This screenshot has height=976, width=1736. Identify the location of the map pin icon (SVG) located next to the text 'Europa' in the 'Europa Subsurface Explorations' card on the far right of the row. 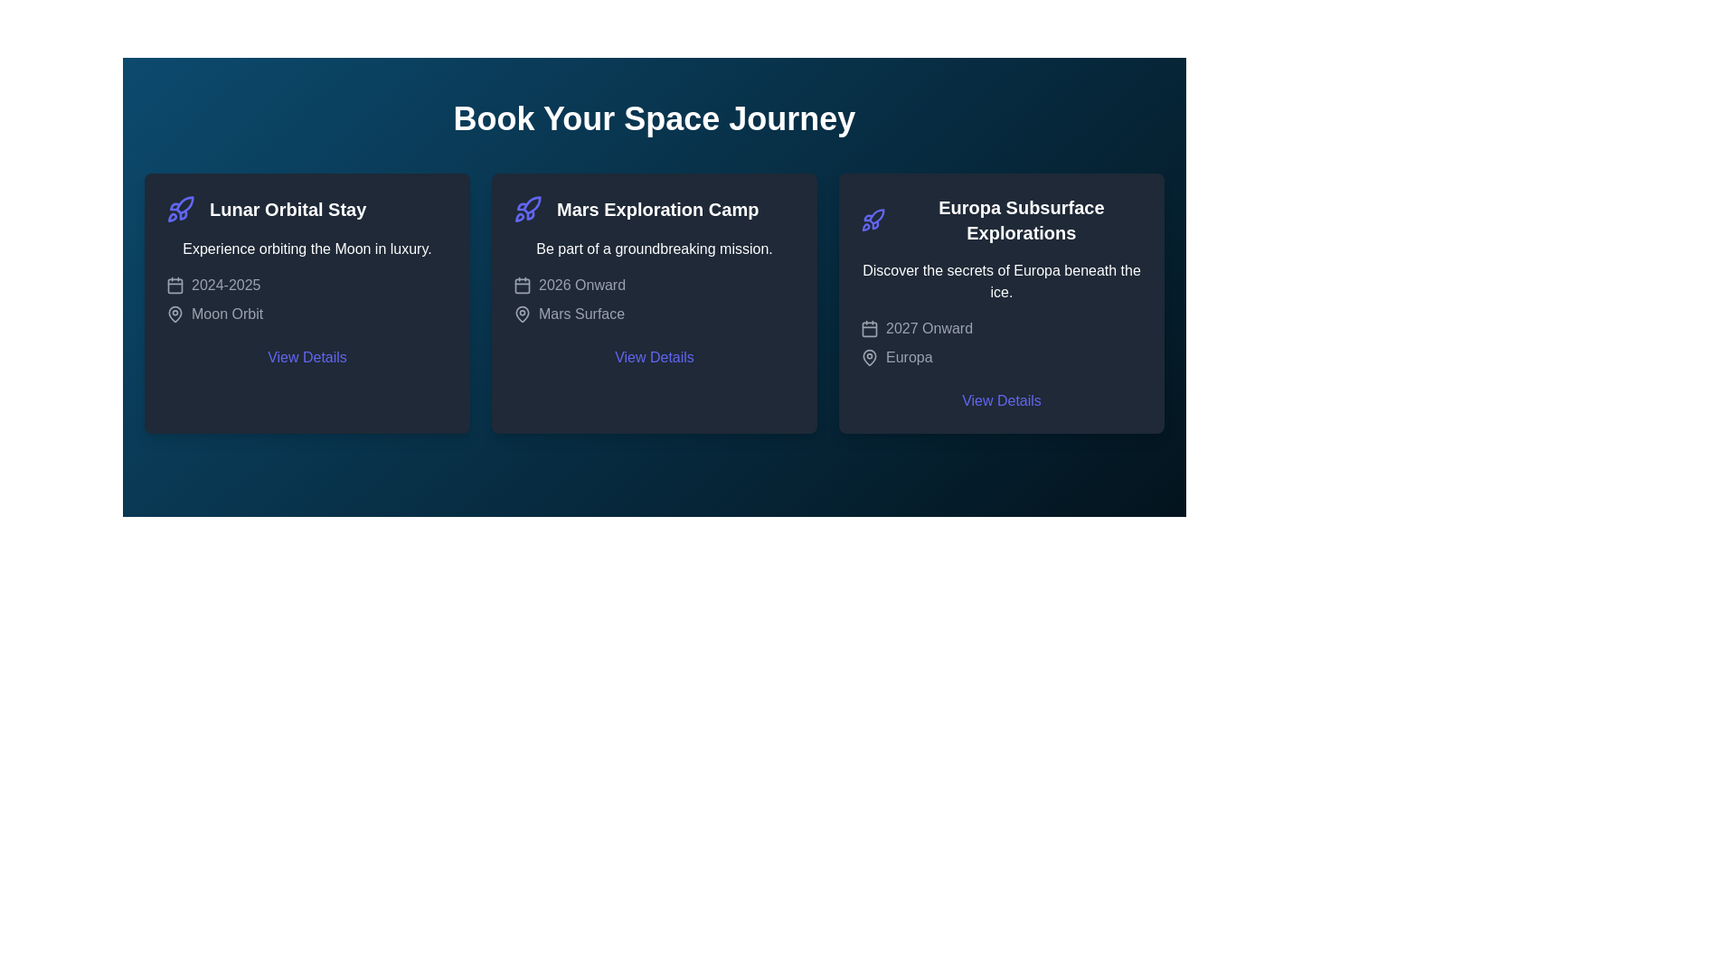
(869, 358).